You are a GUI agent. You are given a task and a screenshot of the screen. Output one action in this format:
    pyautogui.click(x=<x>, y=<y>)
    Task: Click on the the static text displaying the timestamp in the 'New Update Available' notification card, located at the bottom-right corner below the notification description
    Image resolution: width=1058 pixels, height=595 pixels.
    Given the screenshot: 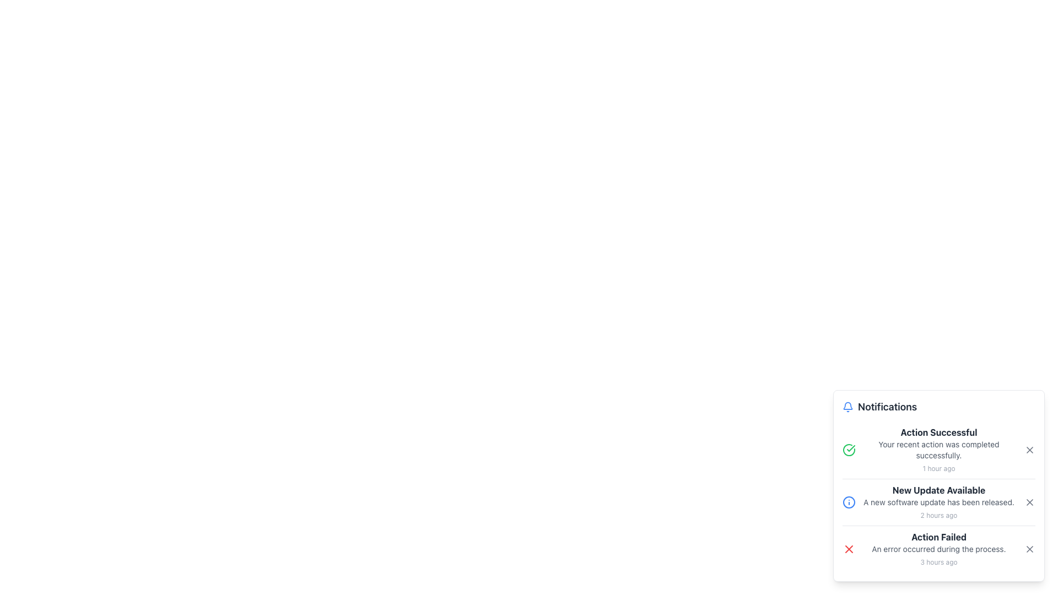 What is the action you would take?
    pyautogui.click(x=938, y=515)
    